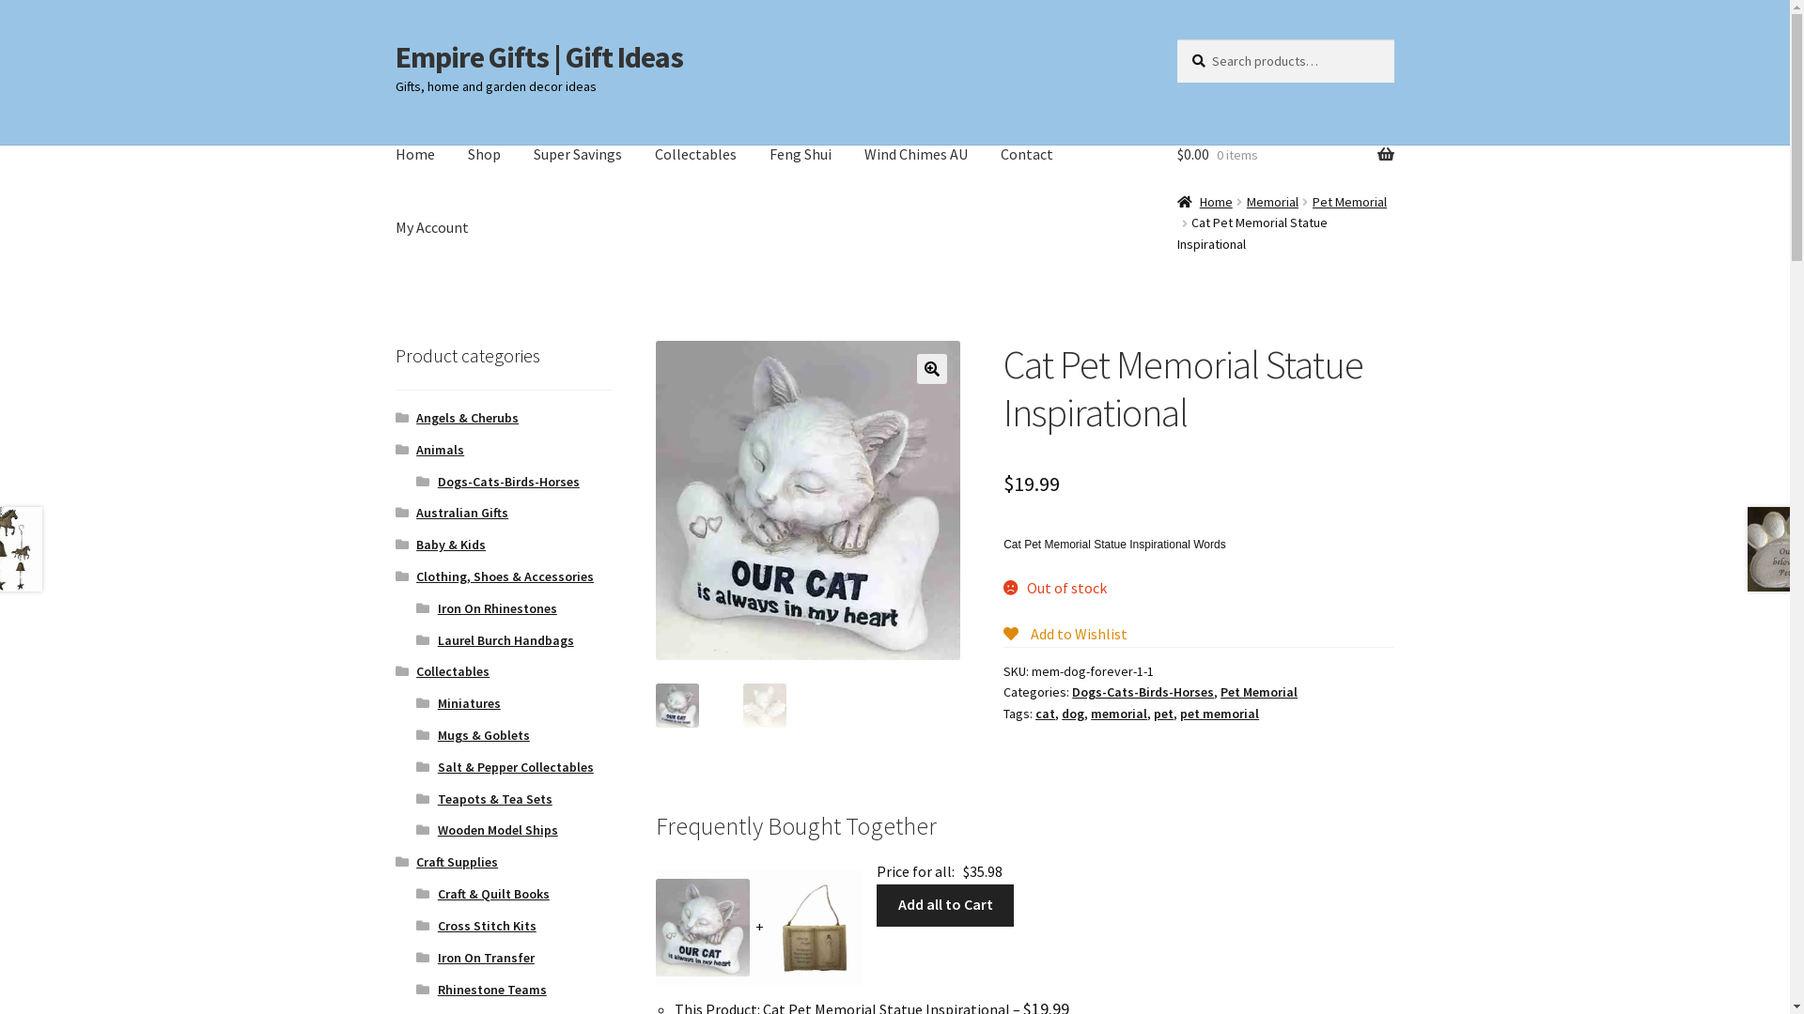  What do you see at coordinates (519, 154) in the screenshot?
I see `'Super Savings'` at bounding box center [519, 154].